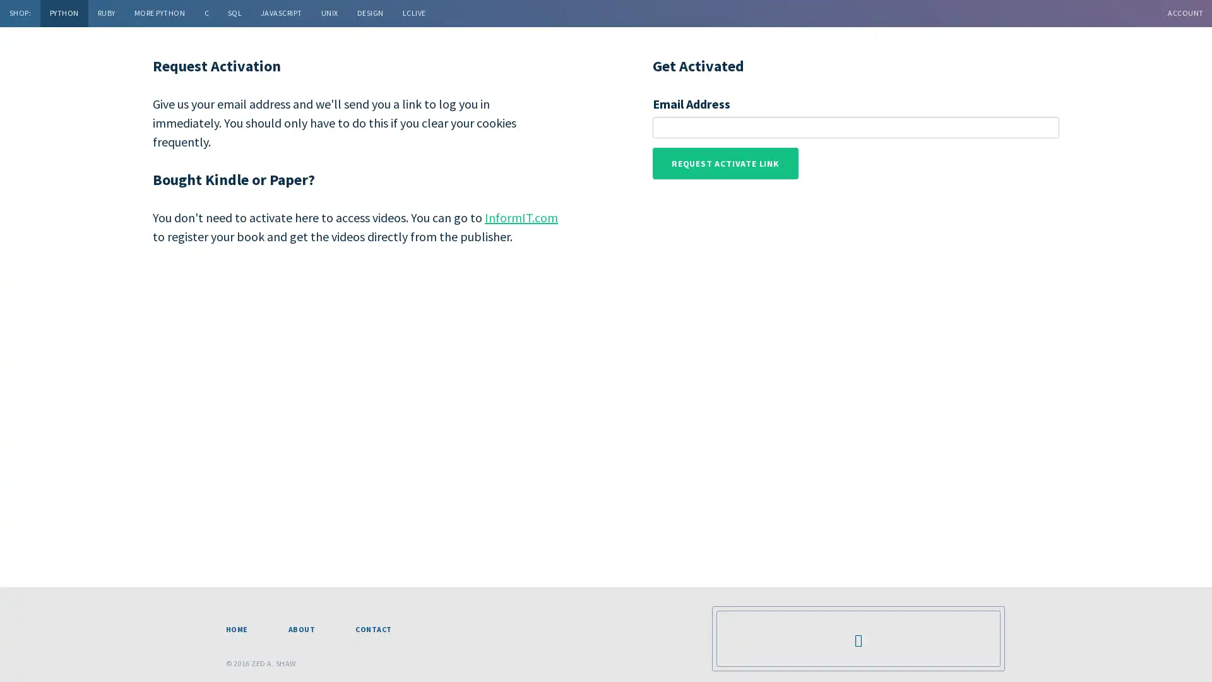 Image resolution: width=1212 pixels, height=682 pixels. Describe the element at coordinates (725, 162) in the screenshot. I see `REQUEST ACTIVATE LINK` at that location.